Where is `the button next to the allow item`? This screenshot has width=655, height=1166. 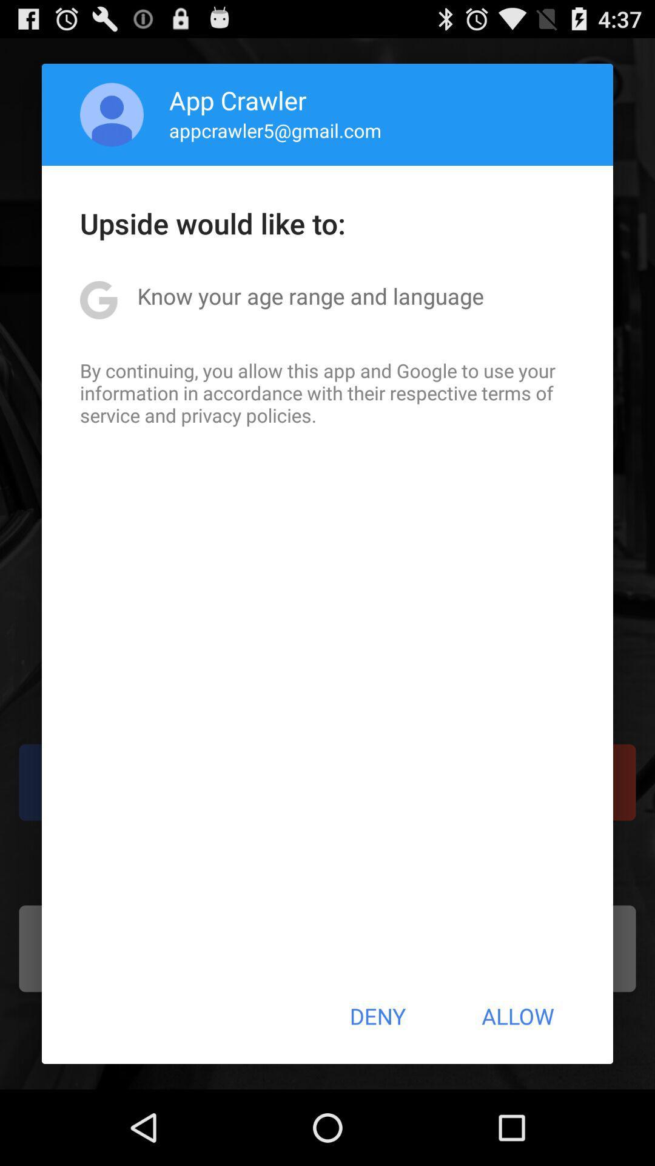 the button next to the allow item is located at coordinates (377, 1016).